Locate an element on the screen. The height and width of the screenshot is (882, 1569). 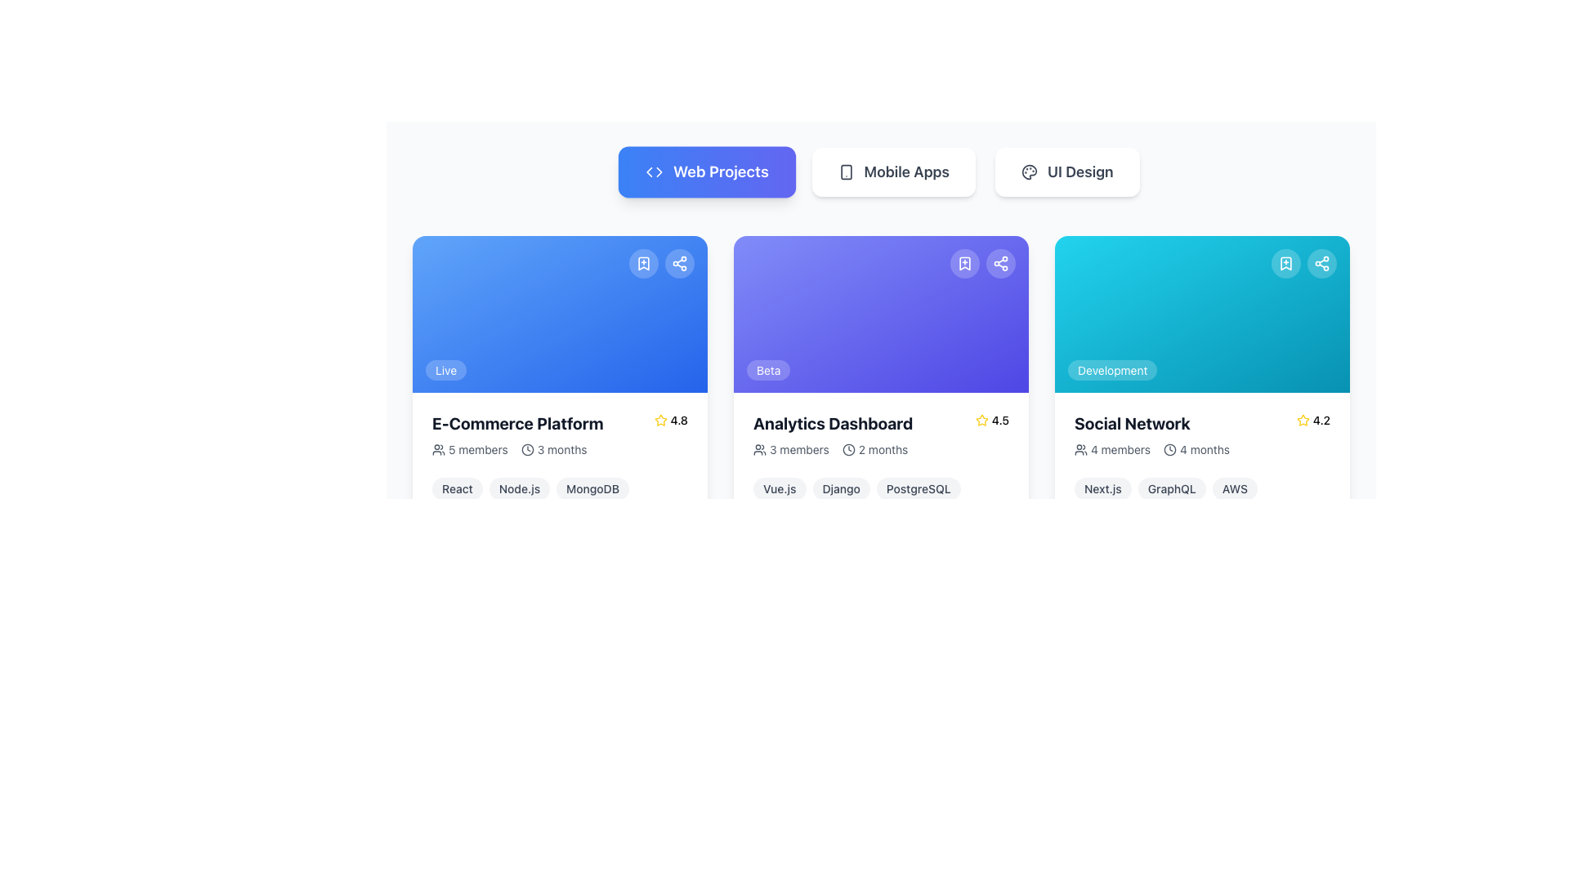
the 'Mobile Apps' button in the segmented control is located at coordinates (880, 172).